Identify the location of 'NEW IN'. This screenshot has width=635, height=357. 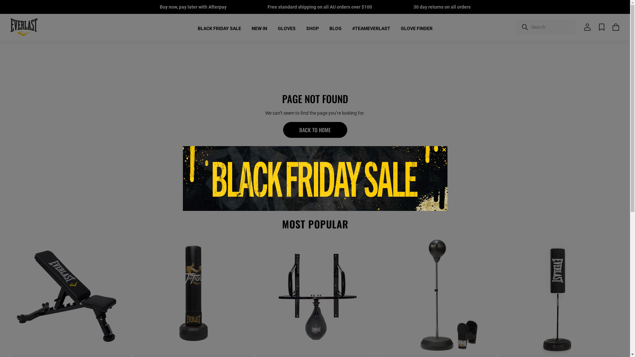
(251, 28).